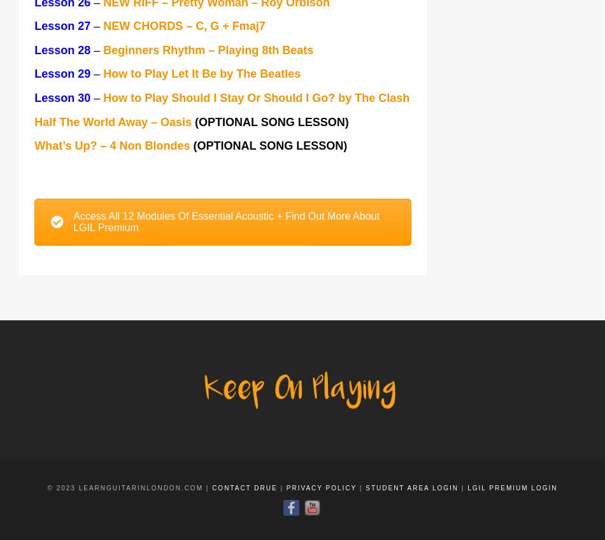 The image size is (605, 540). What do you see at coordinates (321, 488) in the screenshot?
I see `'Privacy Policy'` at bounding box center [321, 488].